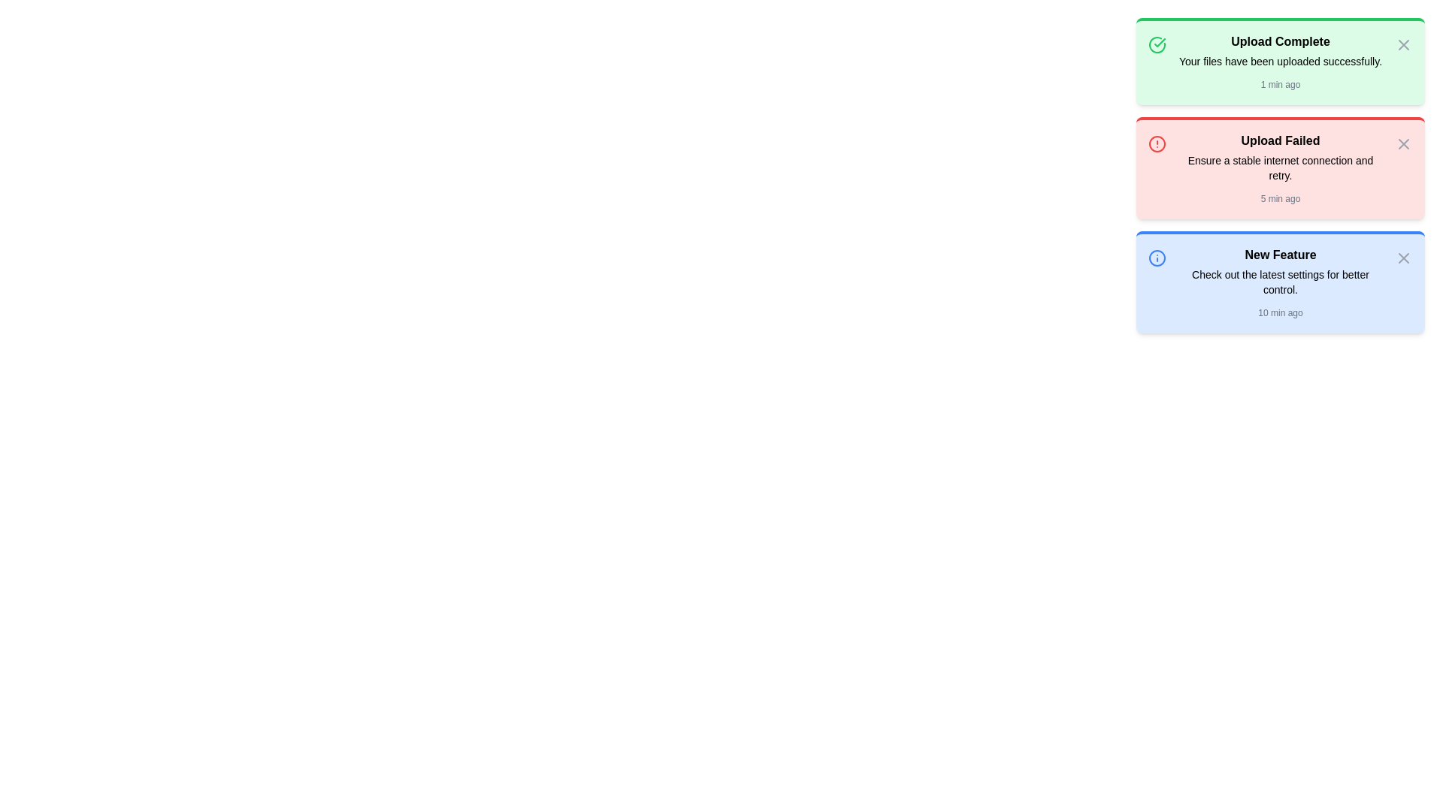 Image resolution: width=1443 pixels, height=811 pixels. Describe the element at coordinates (1402, 257) in the screenshot. I see `the small 'X' icon button in the top-right corner of the notification card` at that location.